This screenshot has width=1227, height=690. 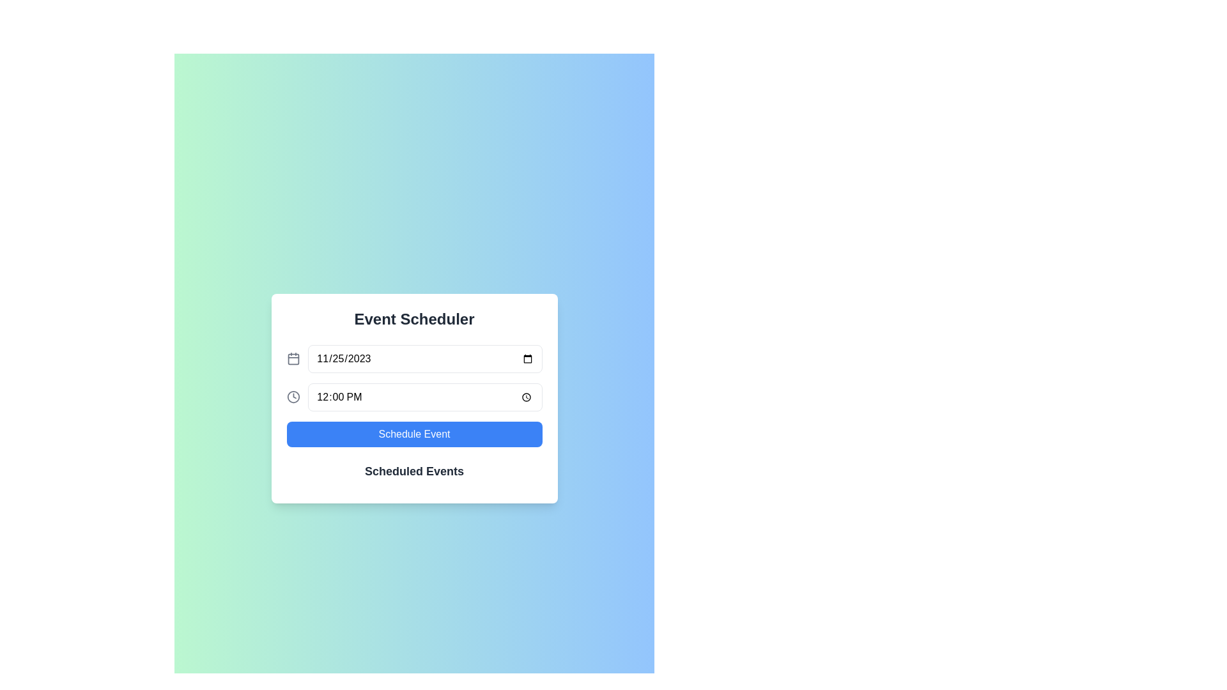 I want to click on the icon located on the left side of the date input field, so click(x=293, y=359).